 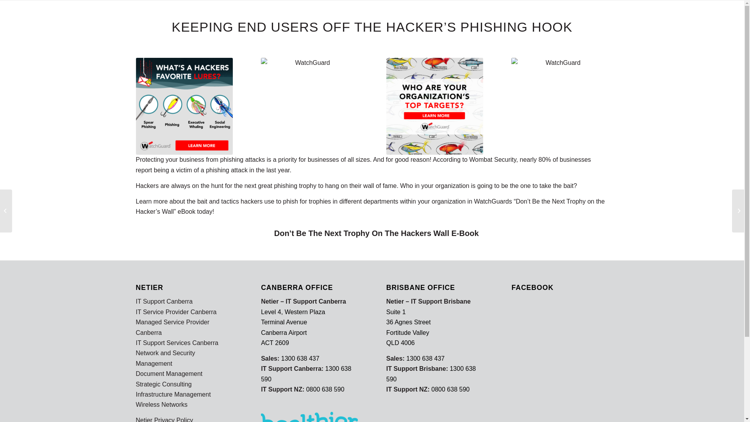 What do you see at coordinates (184, 106) in the screenshot?
I see `'WatchGuard'` at bounding box center [184, 106].